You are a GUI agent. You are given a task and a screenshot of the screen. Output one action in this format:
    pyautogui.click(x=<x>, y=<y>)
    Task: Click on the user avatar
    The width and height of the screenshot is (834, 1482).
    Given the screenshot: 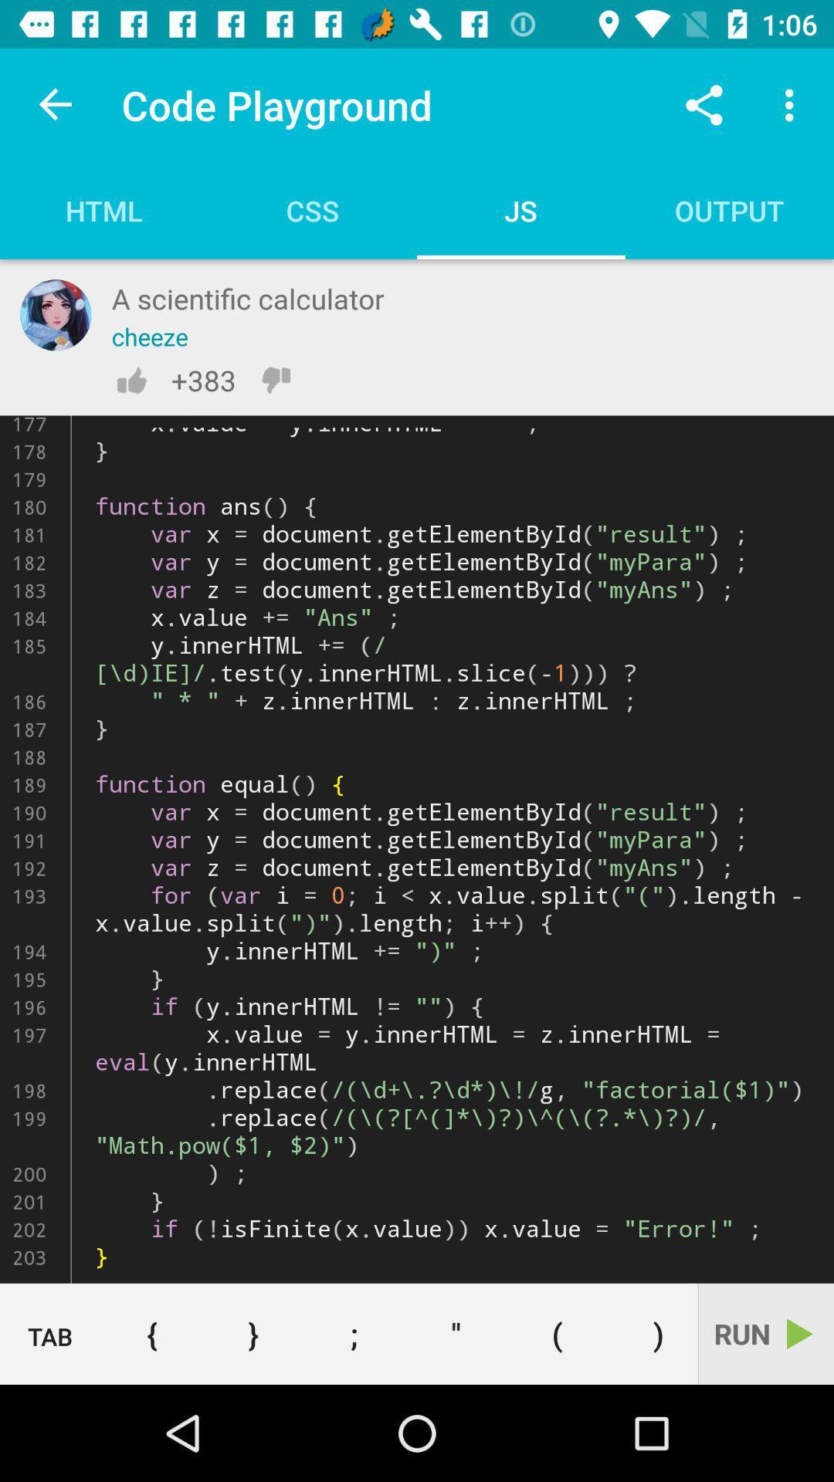 What is the action you would take?
    pyautogui.click(x=55, y=314)
    